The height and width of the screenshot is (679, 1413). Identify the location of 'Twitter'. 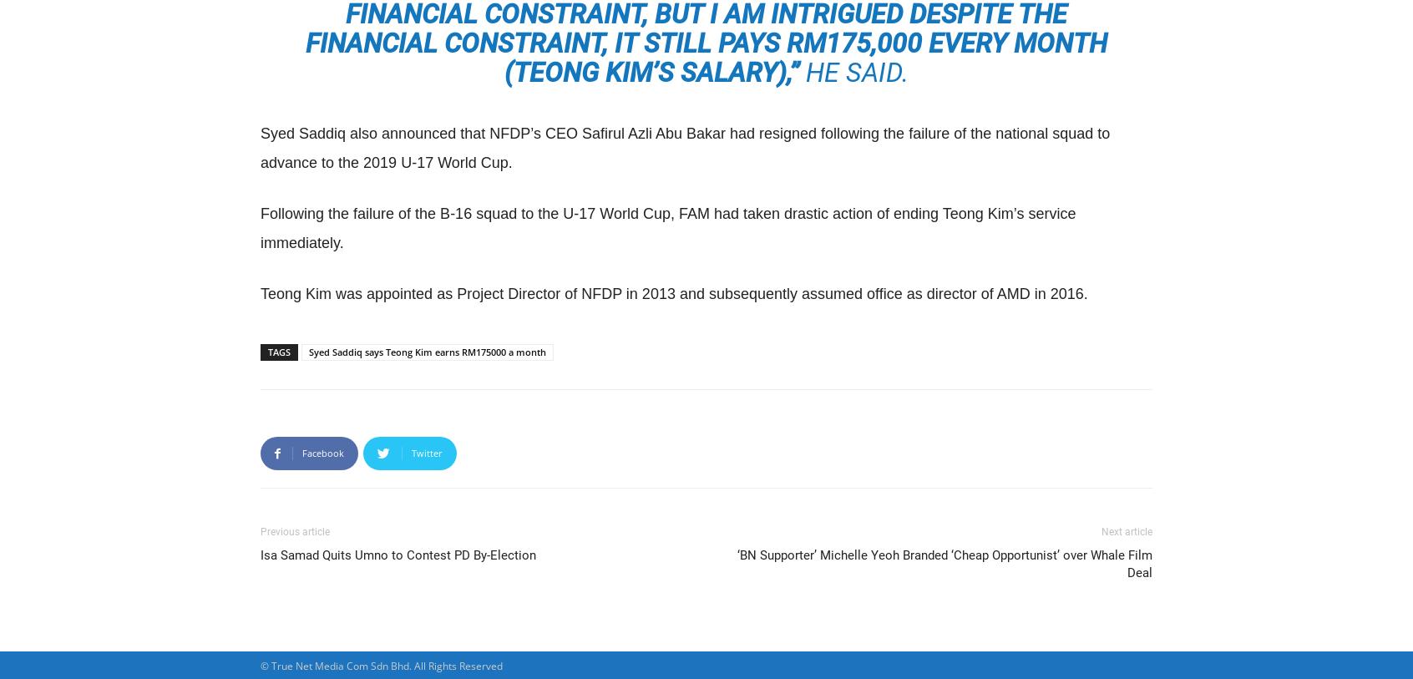
(427, 453).